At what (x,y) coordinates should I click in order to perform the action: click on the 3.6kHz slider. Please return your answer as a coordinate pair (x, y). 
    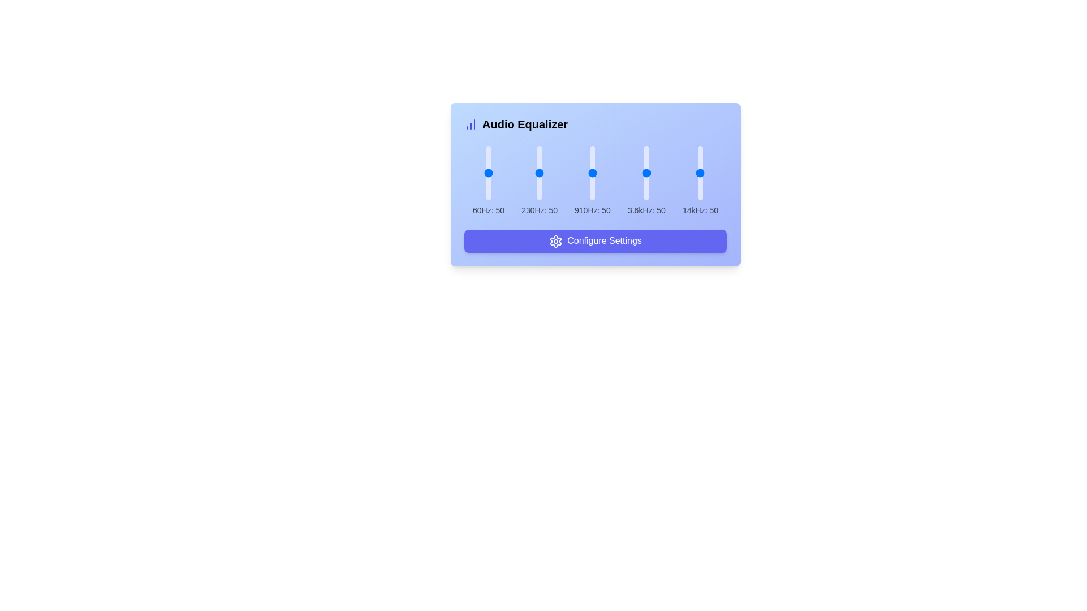
    Looking at the image, I should click on (647, 177).